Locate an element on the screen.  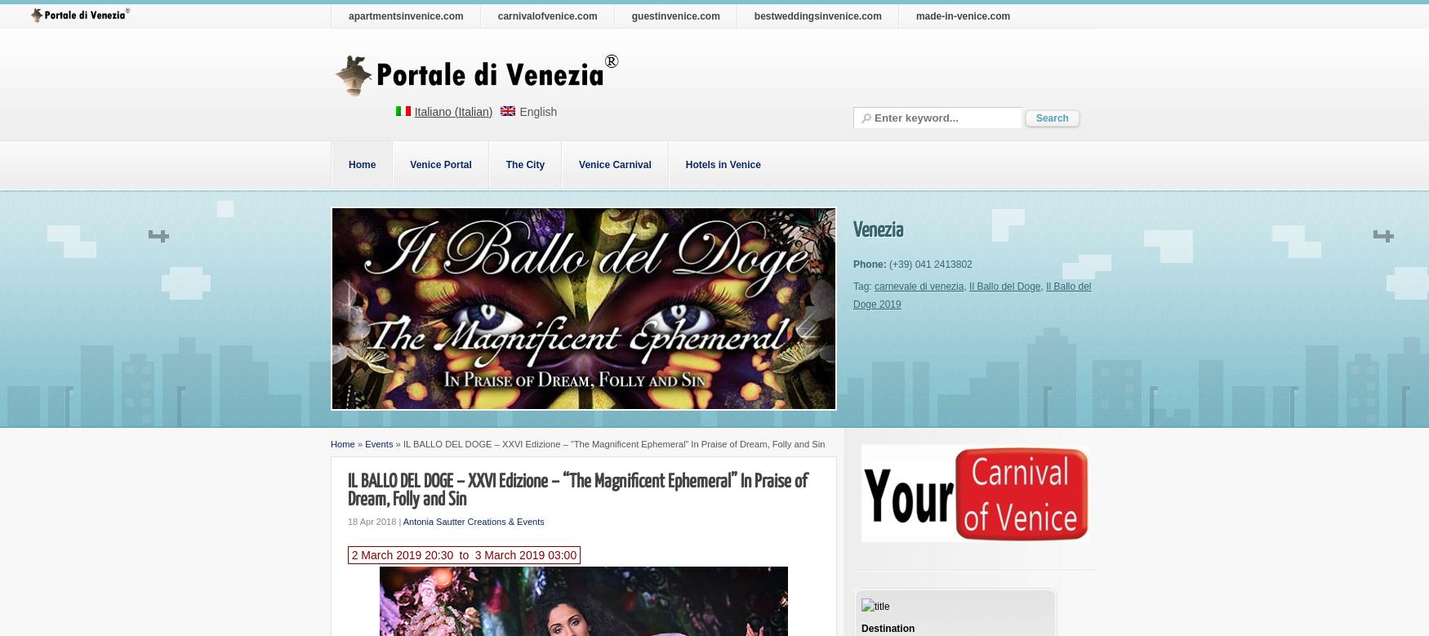
'Italiano' is located at coordinates (431, 111).